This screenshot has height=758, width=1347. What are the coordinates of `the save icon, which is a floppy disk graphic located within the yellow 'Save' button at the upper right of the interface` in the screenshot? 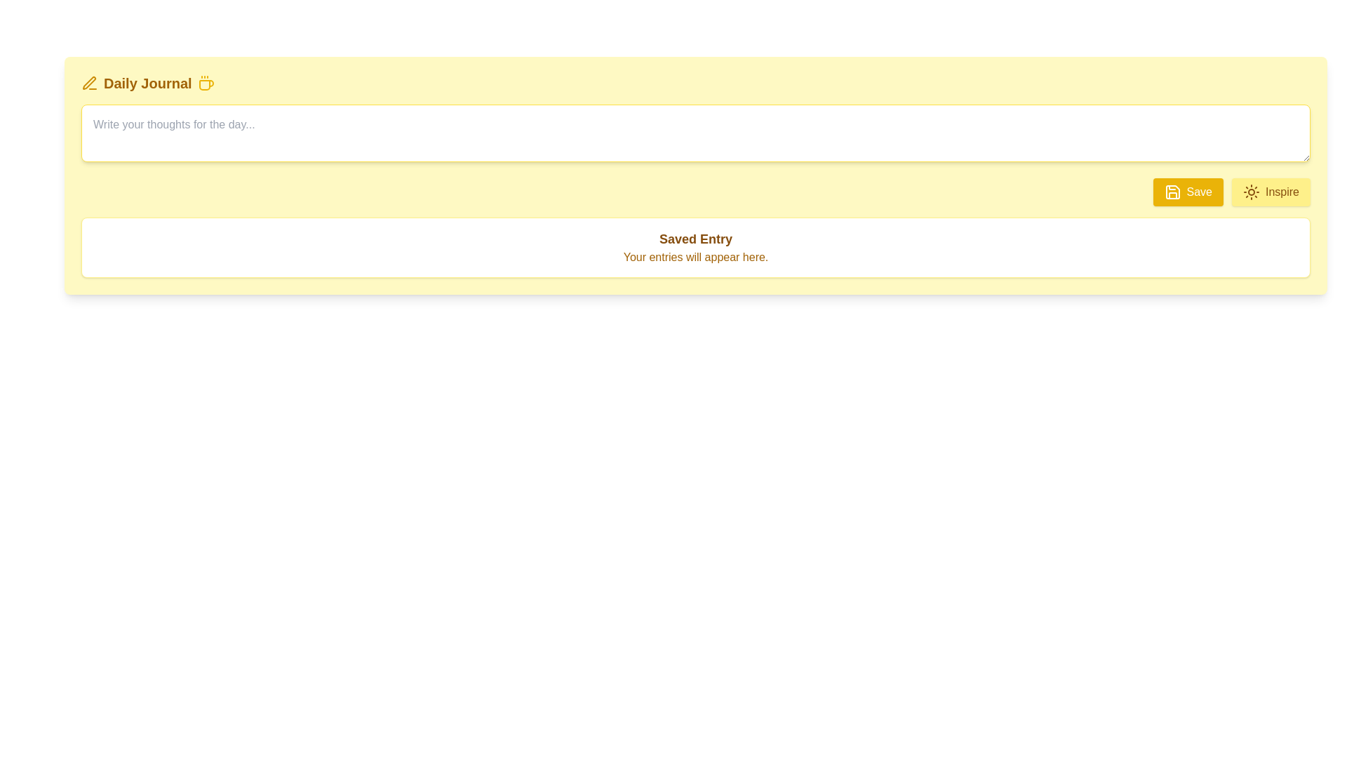 It's located at (1172, 192).